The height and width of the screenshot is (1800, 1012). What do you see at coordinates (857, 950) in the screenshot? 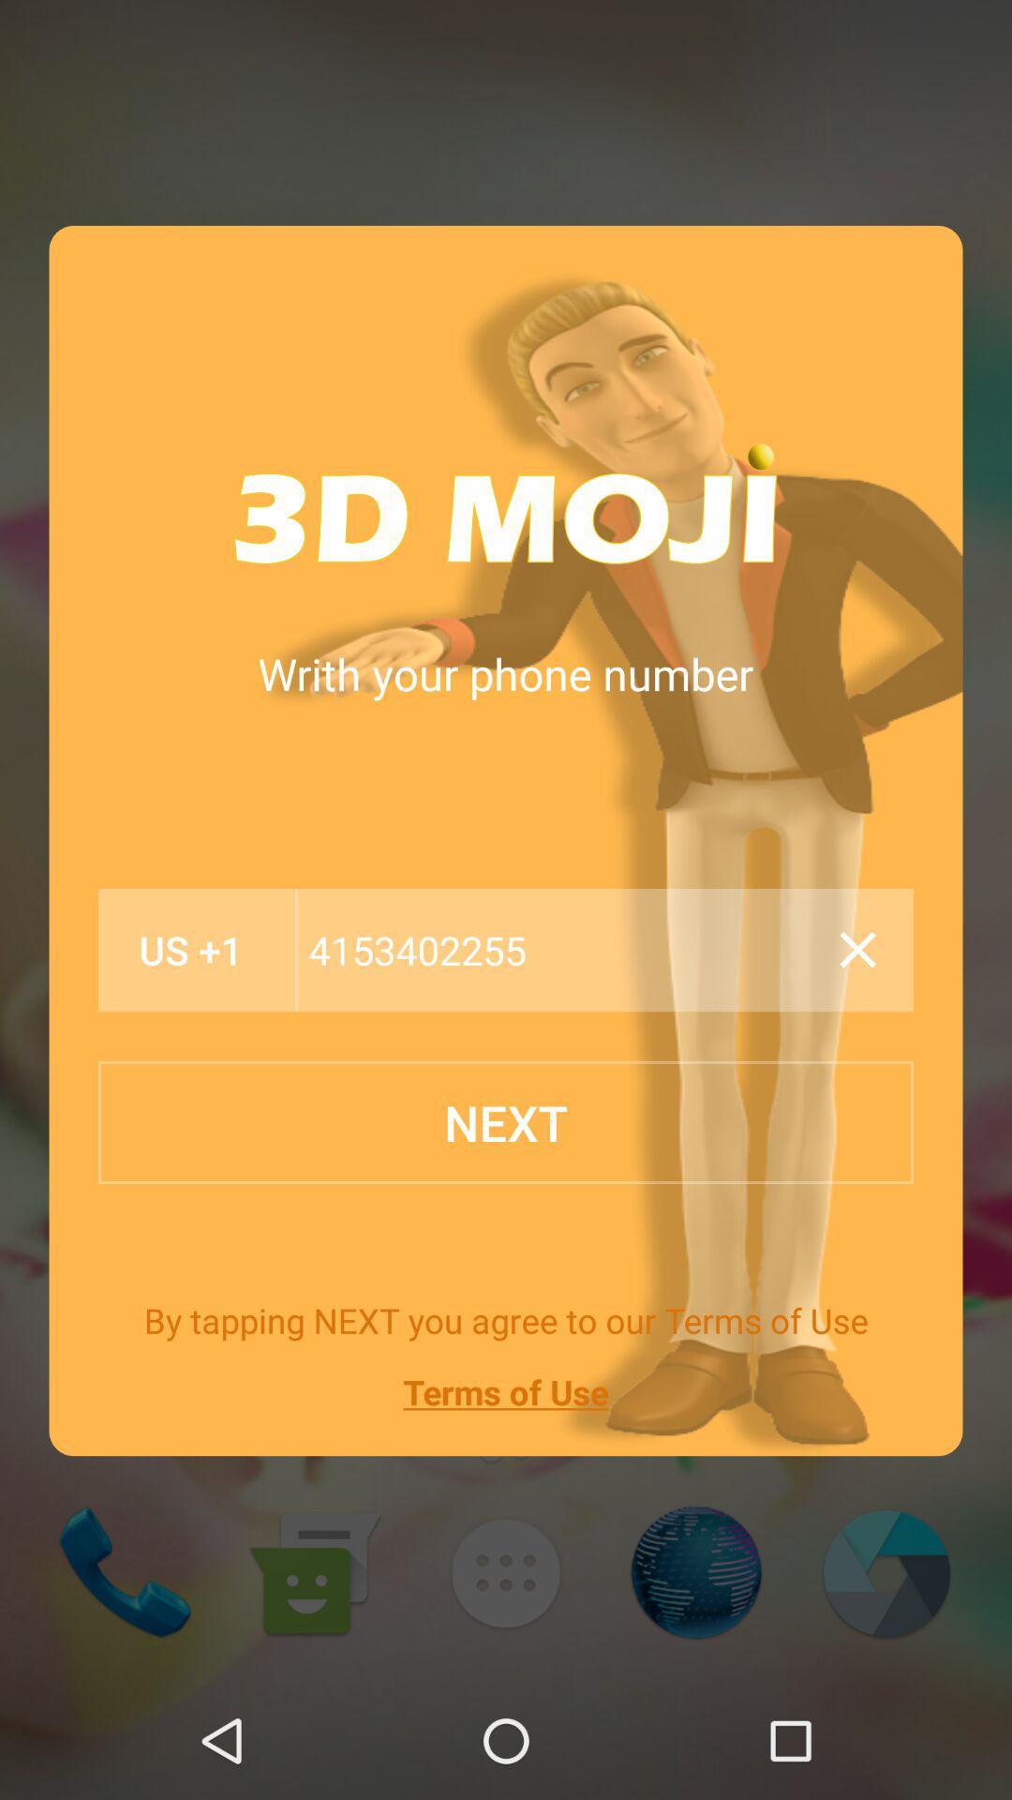
I see `the item on the right` at bounding box center [857, 950].